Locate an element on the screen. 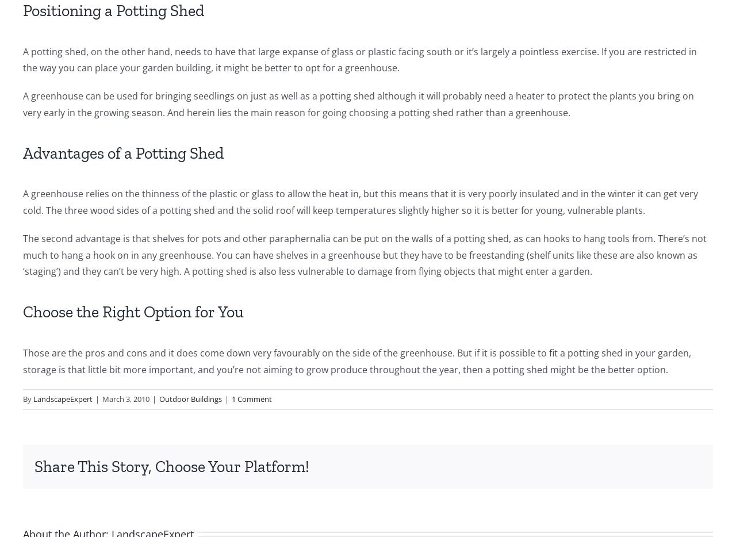  'Advantages of a Potting Shed' is located at coordinates (123, 152).